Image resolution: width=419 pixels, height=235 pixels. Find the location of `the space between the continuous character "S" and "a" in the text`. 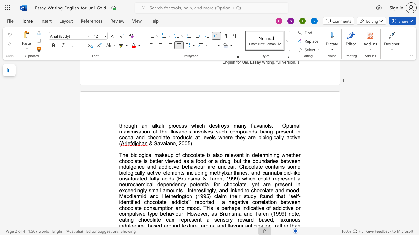

the space between the continuous character "S" and "a" in the text is located at coordinates (157, 143).